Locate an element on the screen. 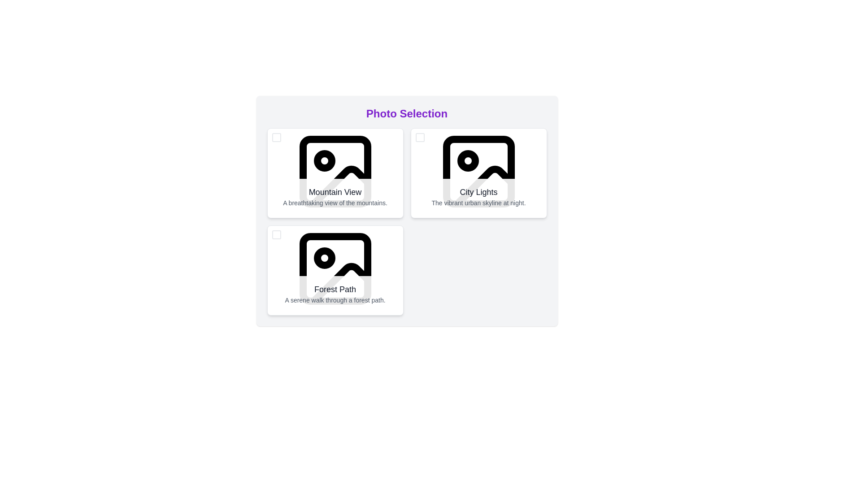 This screenshot has height=484, width=861. the small square with rounded corners, styled with a light gray color and opacity, located in the top-left corner of the card labeled 'Mountain View' is located at coordinates (276, 138).